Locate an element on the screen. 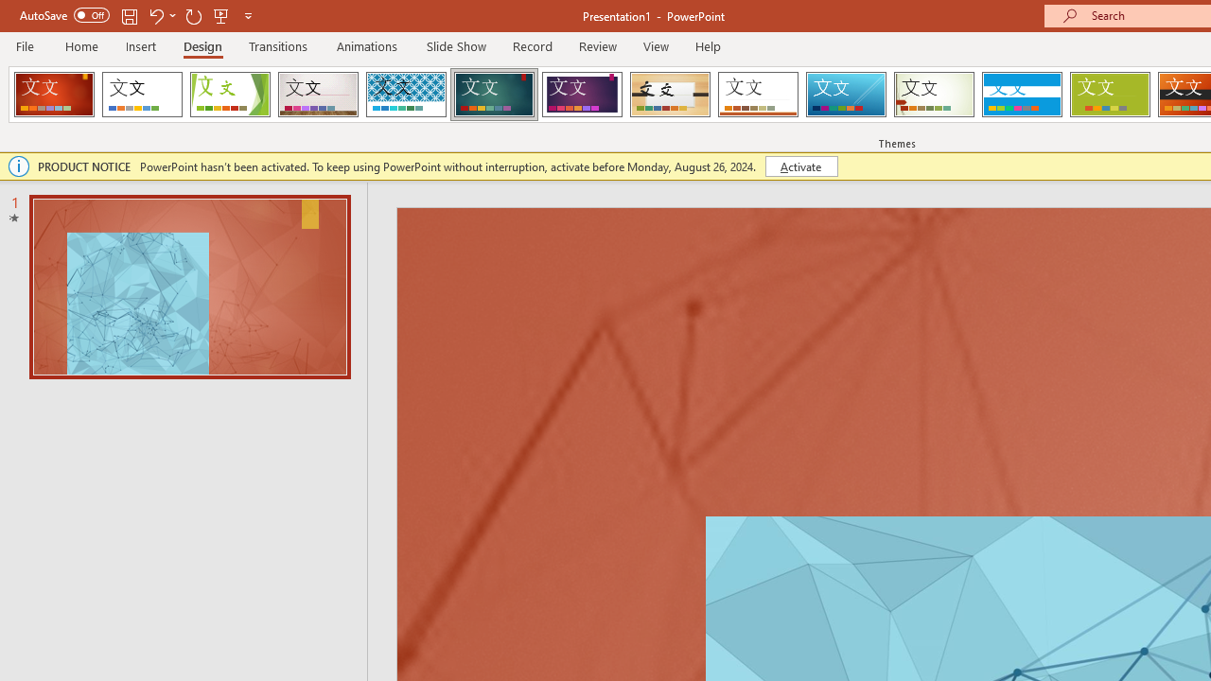 The height and width of the screenshot is (681, 1211). 'Ion Boardroom' is located at coordinates (581, 95).